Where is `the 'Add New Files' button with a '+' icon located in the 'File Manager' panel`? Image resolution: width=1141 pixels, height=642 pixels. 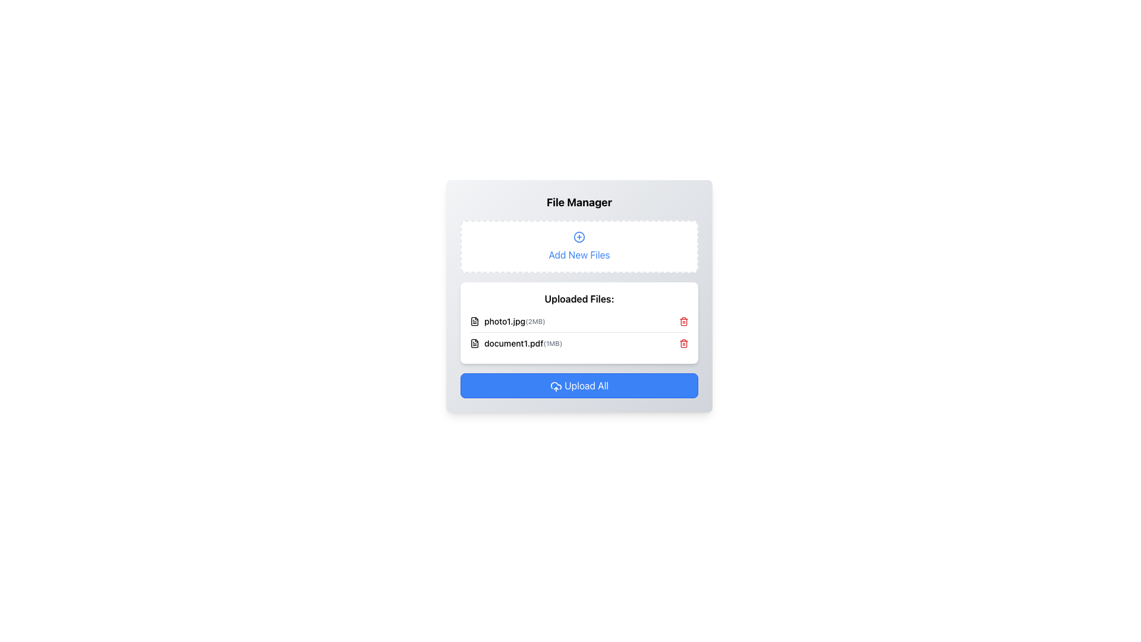 the 'Add New Files' button with a '+' icon located in the 'File Manager' panel is located at coordinates (579, 246).